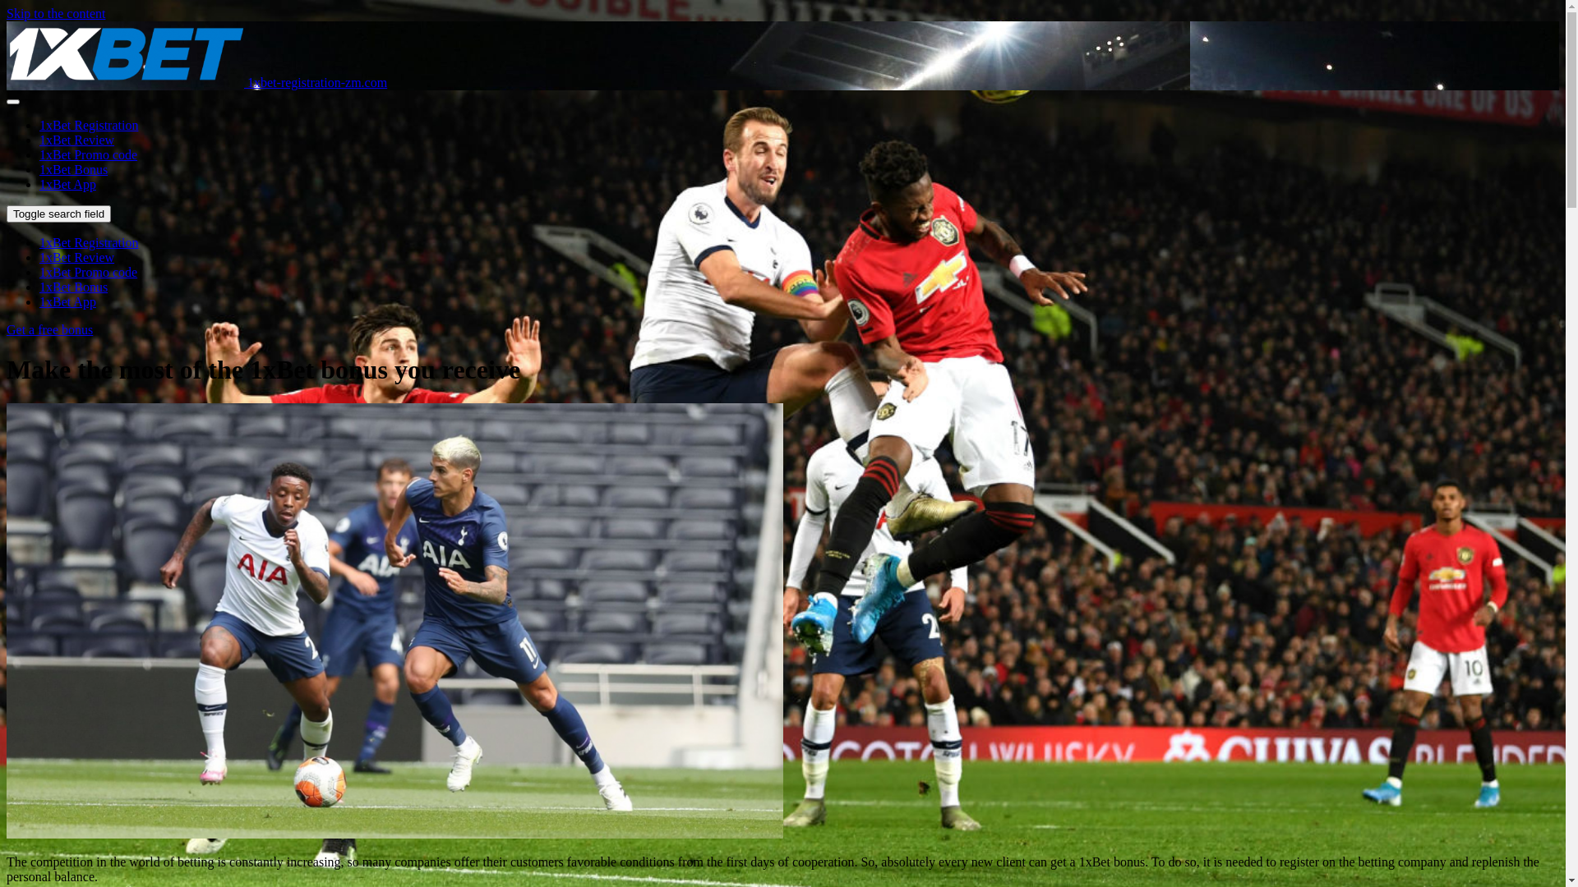 The height and width of the screenshot is (887, 1578). What do you see at coordinates (39, 271) in the screenshot?
I see `'1xBet Promo code'` at bounding box center [39, 271].